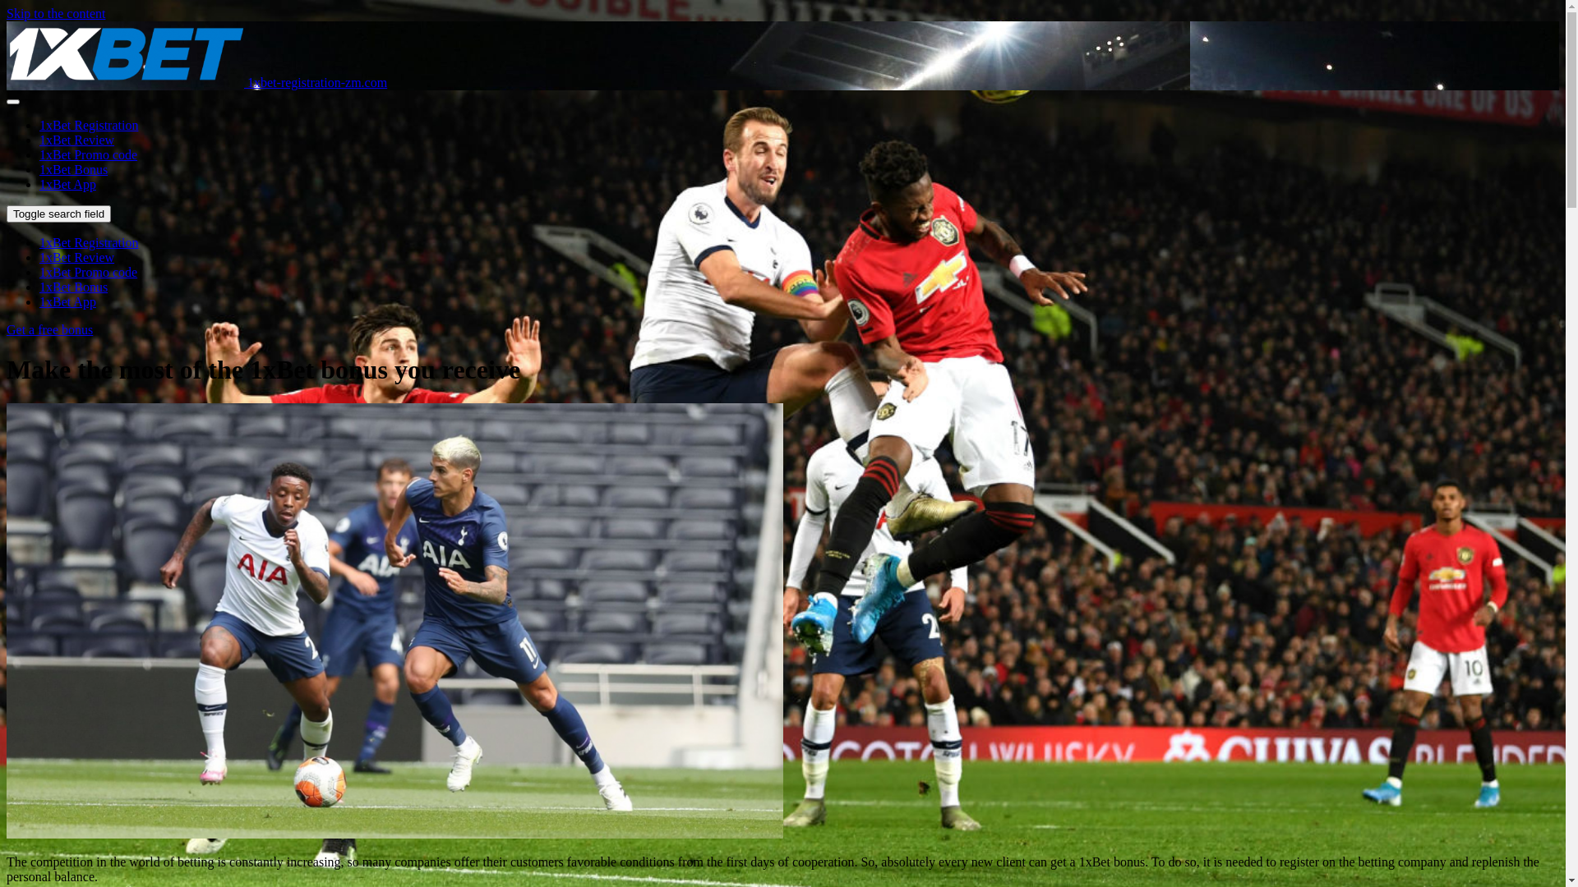 The height and width of the screenshot is (887, 1578). What do you see at coordinates (39, 271) in the screenshot?
I see `'1xBet Promo code'` at bounding box center [39, 271].